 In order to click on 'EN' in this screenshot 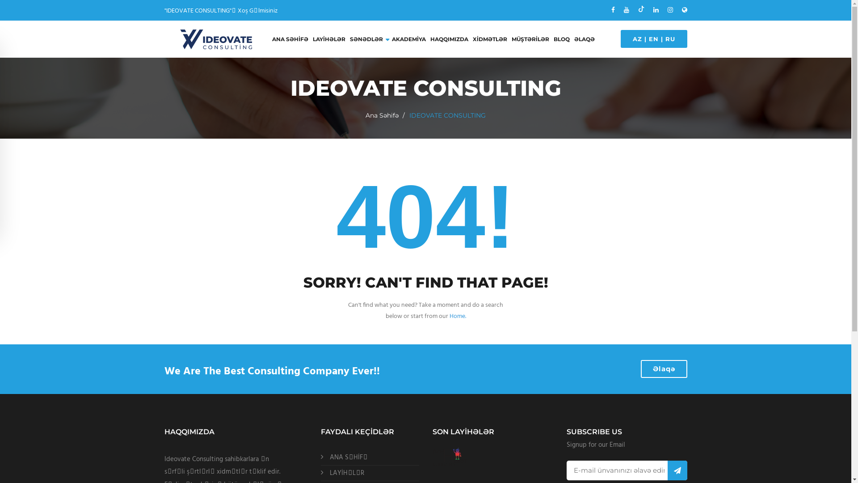, I will do `click(654, 38)`.